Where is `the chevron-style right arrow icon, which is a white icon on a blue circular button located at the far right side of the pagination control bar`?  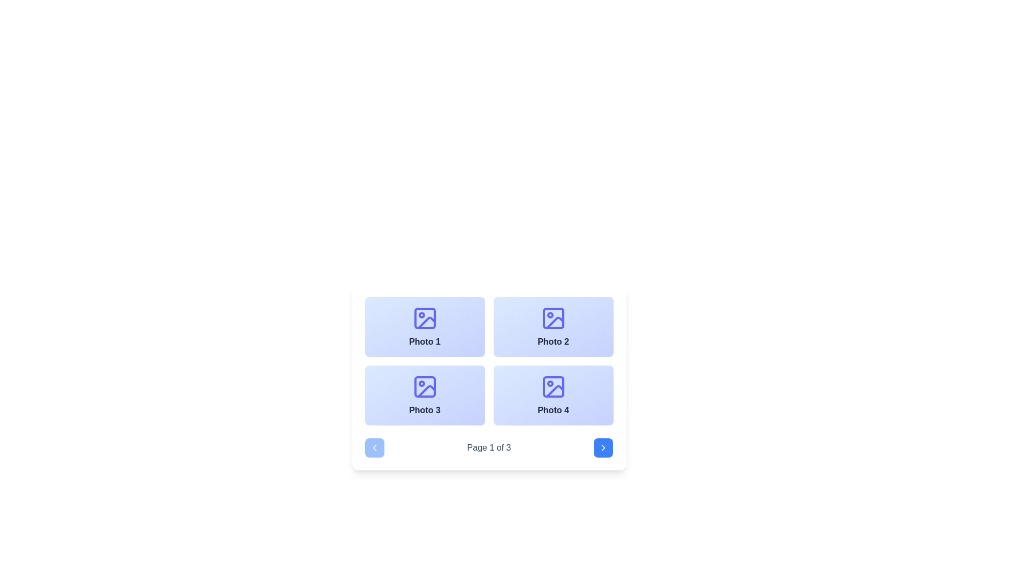 the chevron-style right arrow icon, which is a white icon on a blue circular button located at the far right side of the pagination control bar is located at coordinates (603, 448).